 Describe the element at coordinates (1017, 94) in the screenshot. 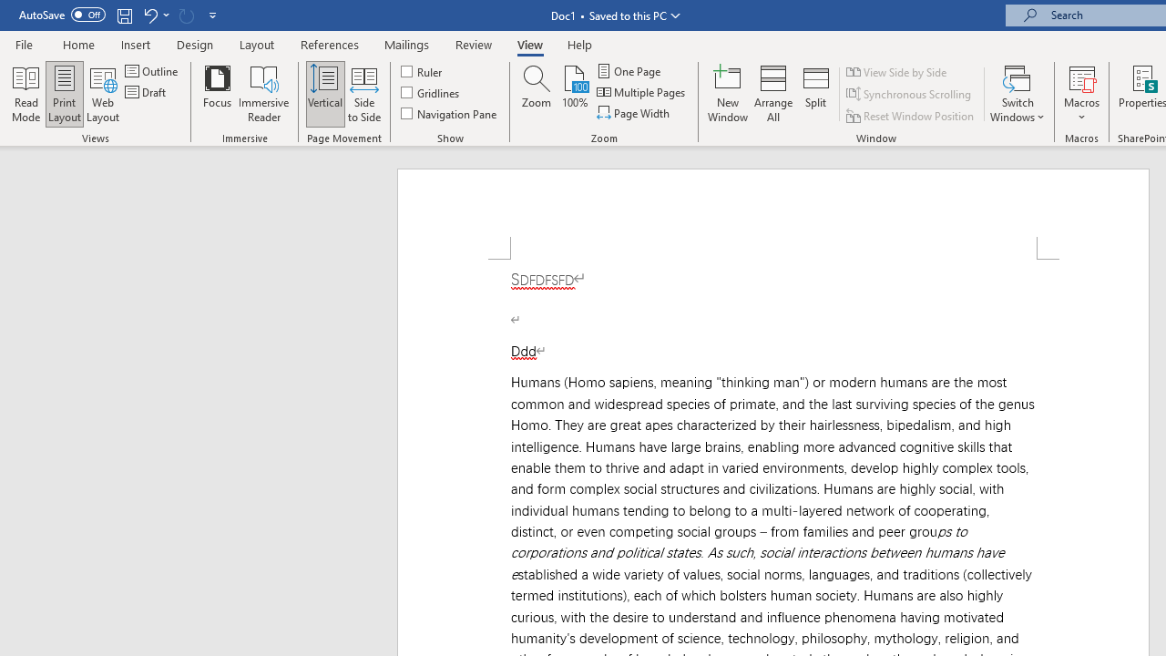

I see `'Switch Windows'` at that location.